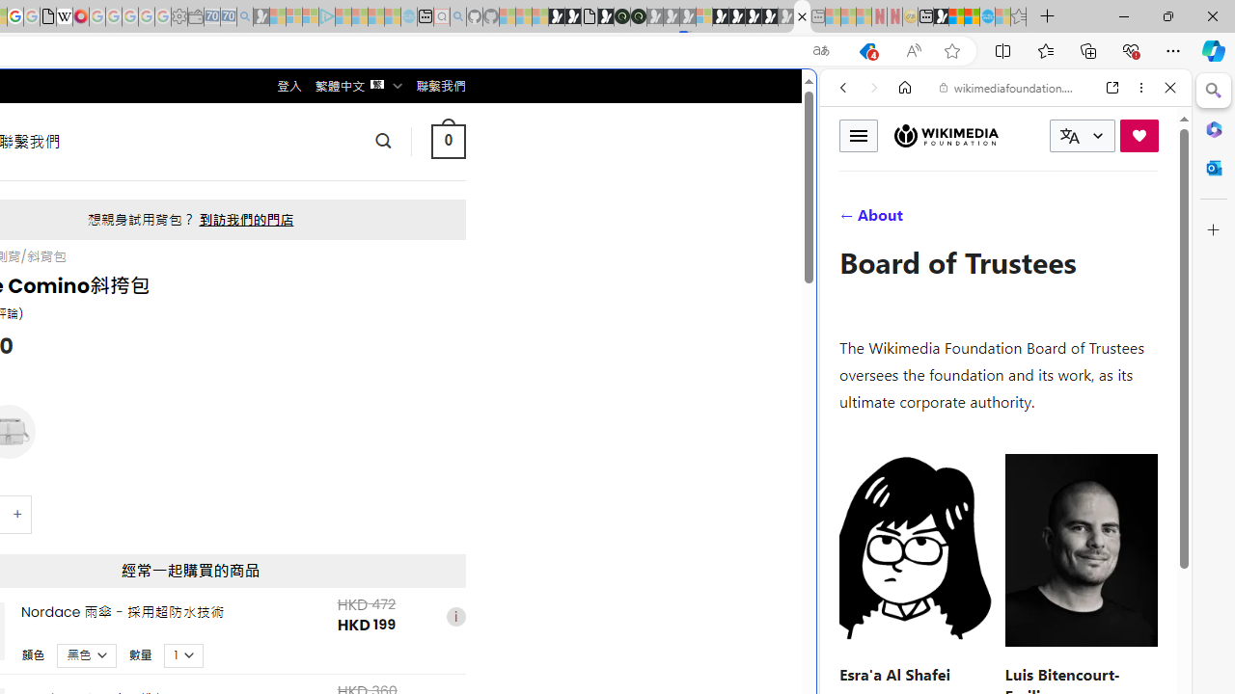  What do you see at coordinates (65, 16) in the screenshot?
I see `'Target page - Wikipedia'` at bounding box center [65, 16].